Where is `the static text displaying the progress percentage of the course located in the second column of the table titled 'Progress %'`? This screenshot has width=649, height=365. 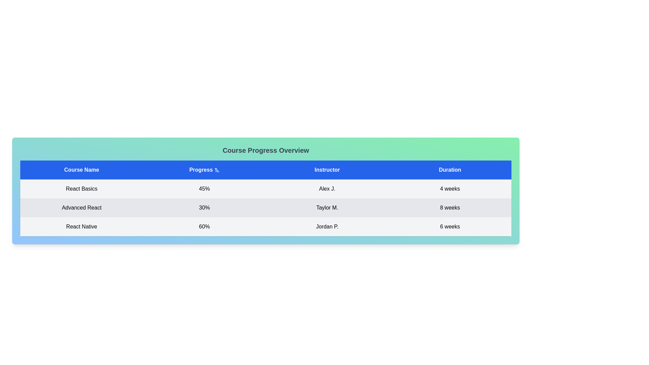
the static text displaying the progress percentage of the course located in the second column of the table titled 'Progress %' is located at coordinates (204, 207).